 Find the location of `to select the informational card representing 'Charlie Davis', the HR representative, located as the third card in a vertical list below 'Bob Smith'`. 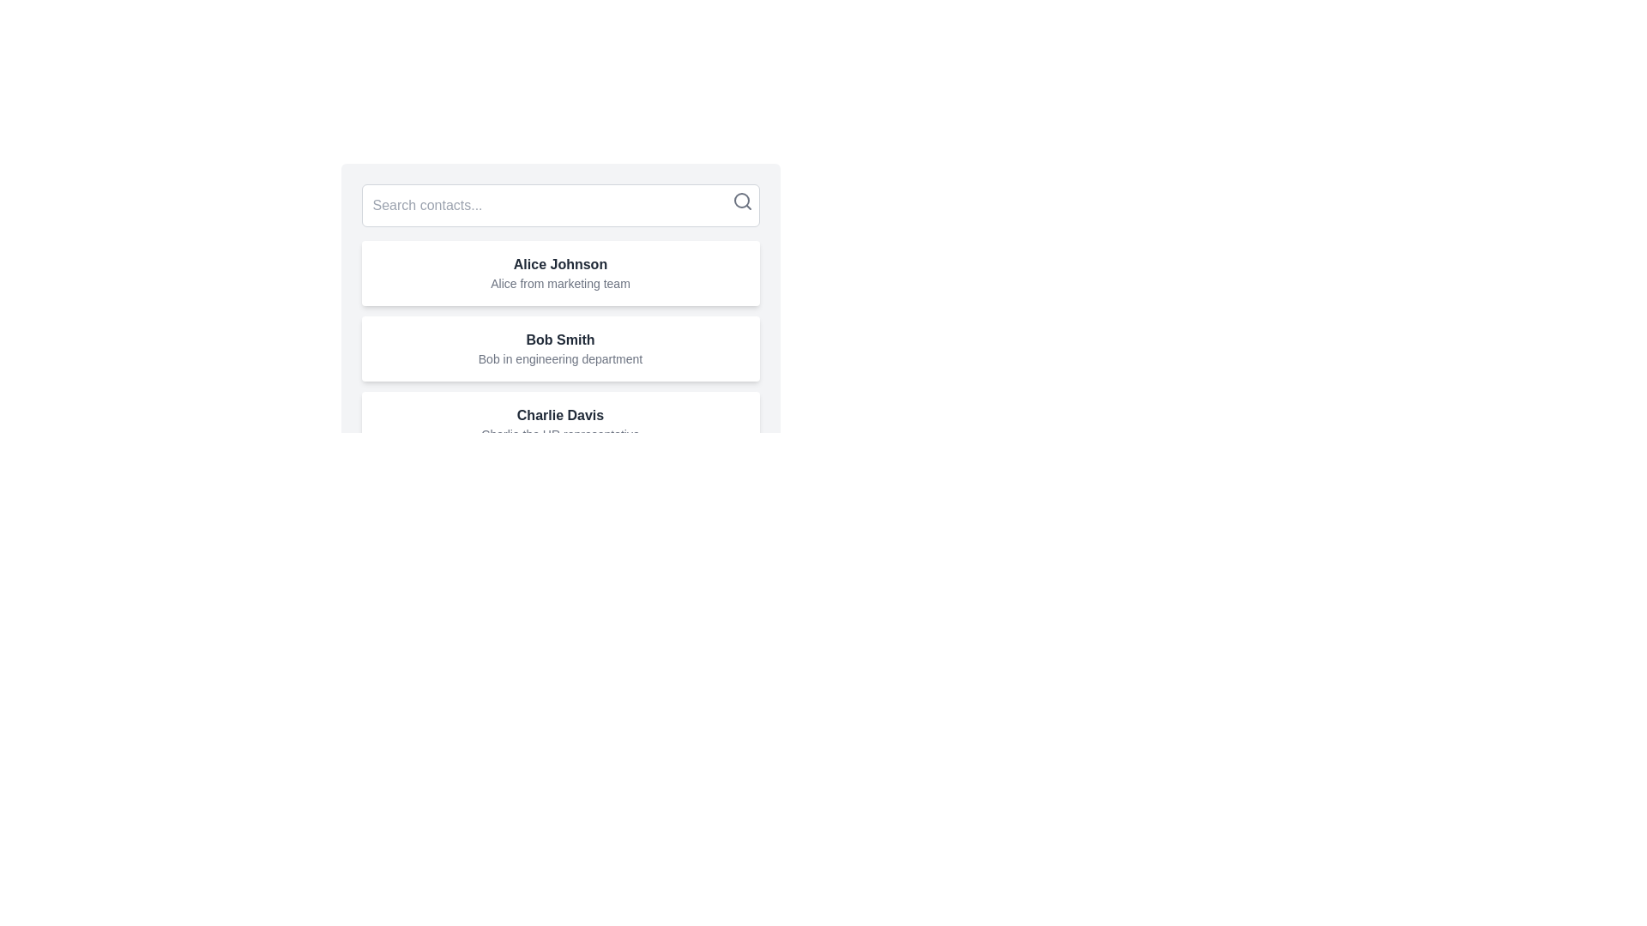

to select the informational card representing 'Charlie Davis', the HR representative, located as the third card in a vertical list below 'Bob Smith' is located at coordinates (560, 424).